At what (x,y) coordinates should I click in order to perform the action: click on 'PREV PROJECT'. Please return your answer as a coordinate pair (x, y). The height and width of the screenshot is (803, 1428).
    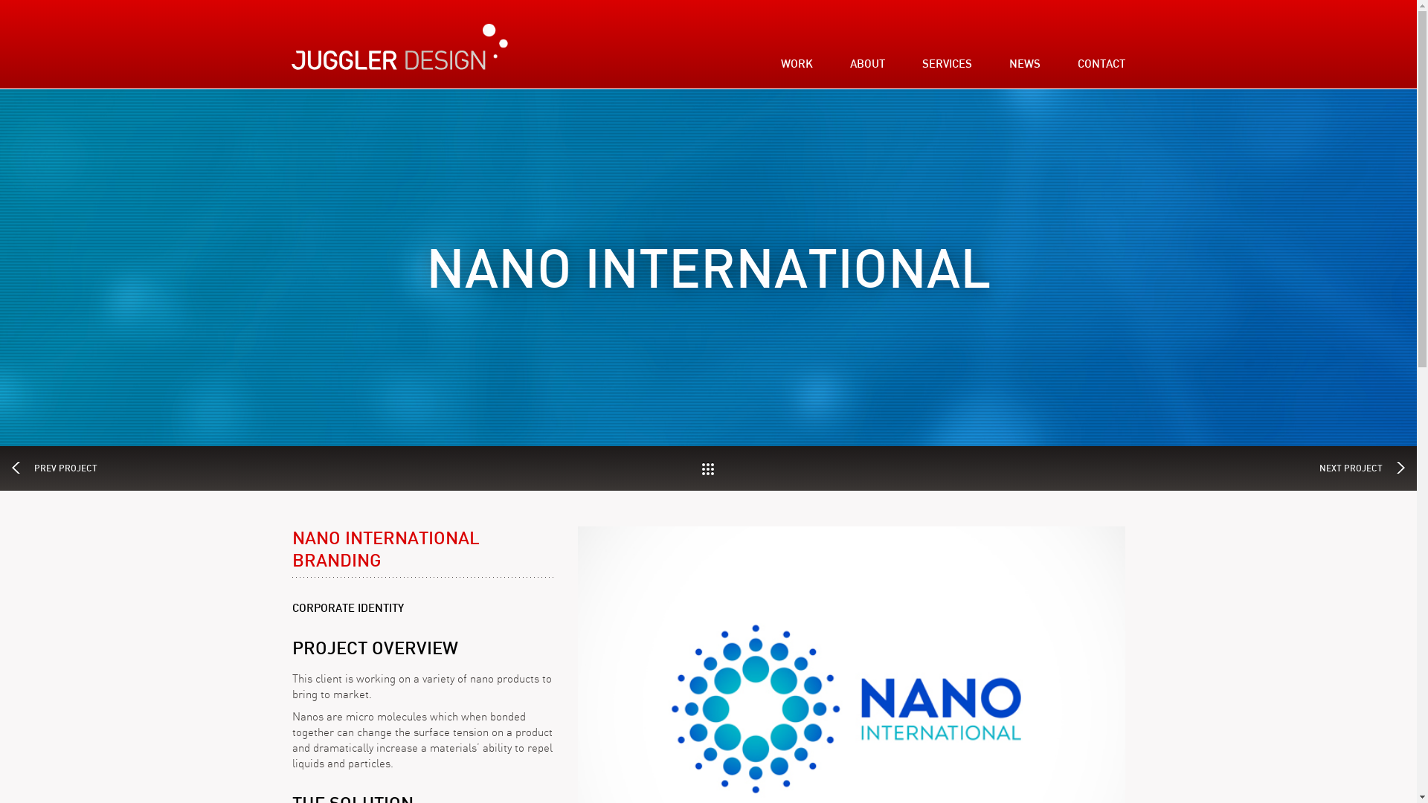
    Looking at the image, I should click on (77, 467).